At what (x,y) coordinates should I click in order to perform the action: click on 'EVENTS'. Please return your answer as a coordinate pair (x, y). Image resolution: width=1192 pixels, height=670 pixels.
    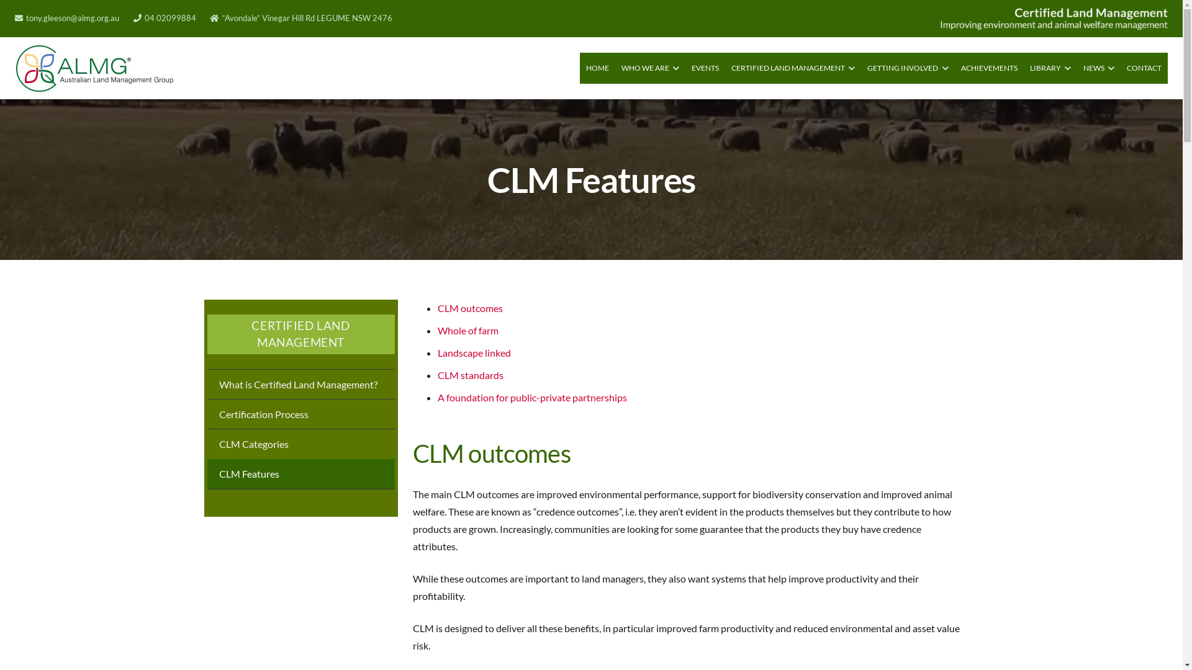
    Looking at the image, I should click on (685, 68).